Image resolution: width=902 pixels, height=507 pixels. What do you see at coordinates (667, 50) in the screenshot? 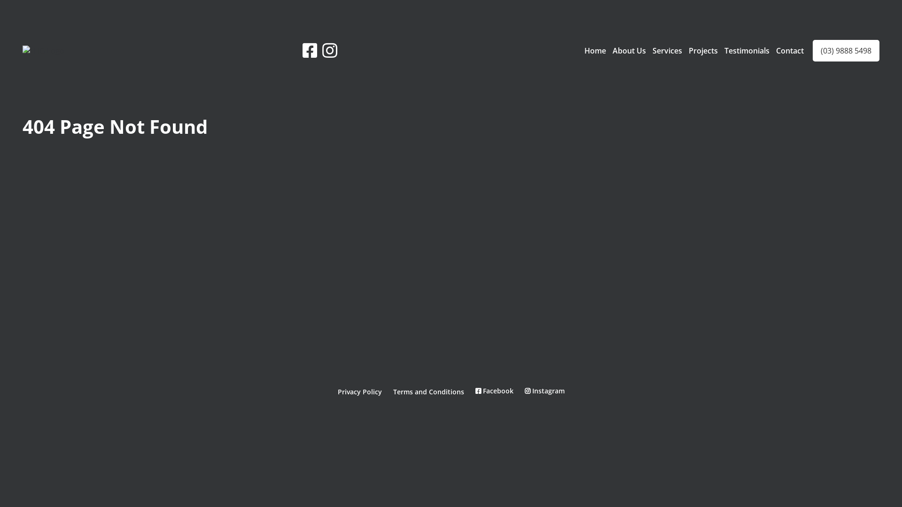
I see `'Services'` at bounding box center [667, 50].